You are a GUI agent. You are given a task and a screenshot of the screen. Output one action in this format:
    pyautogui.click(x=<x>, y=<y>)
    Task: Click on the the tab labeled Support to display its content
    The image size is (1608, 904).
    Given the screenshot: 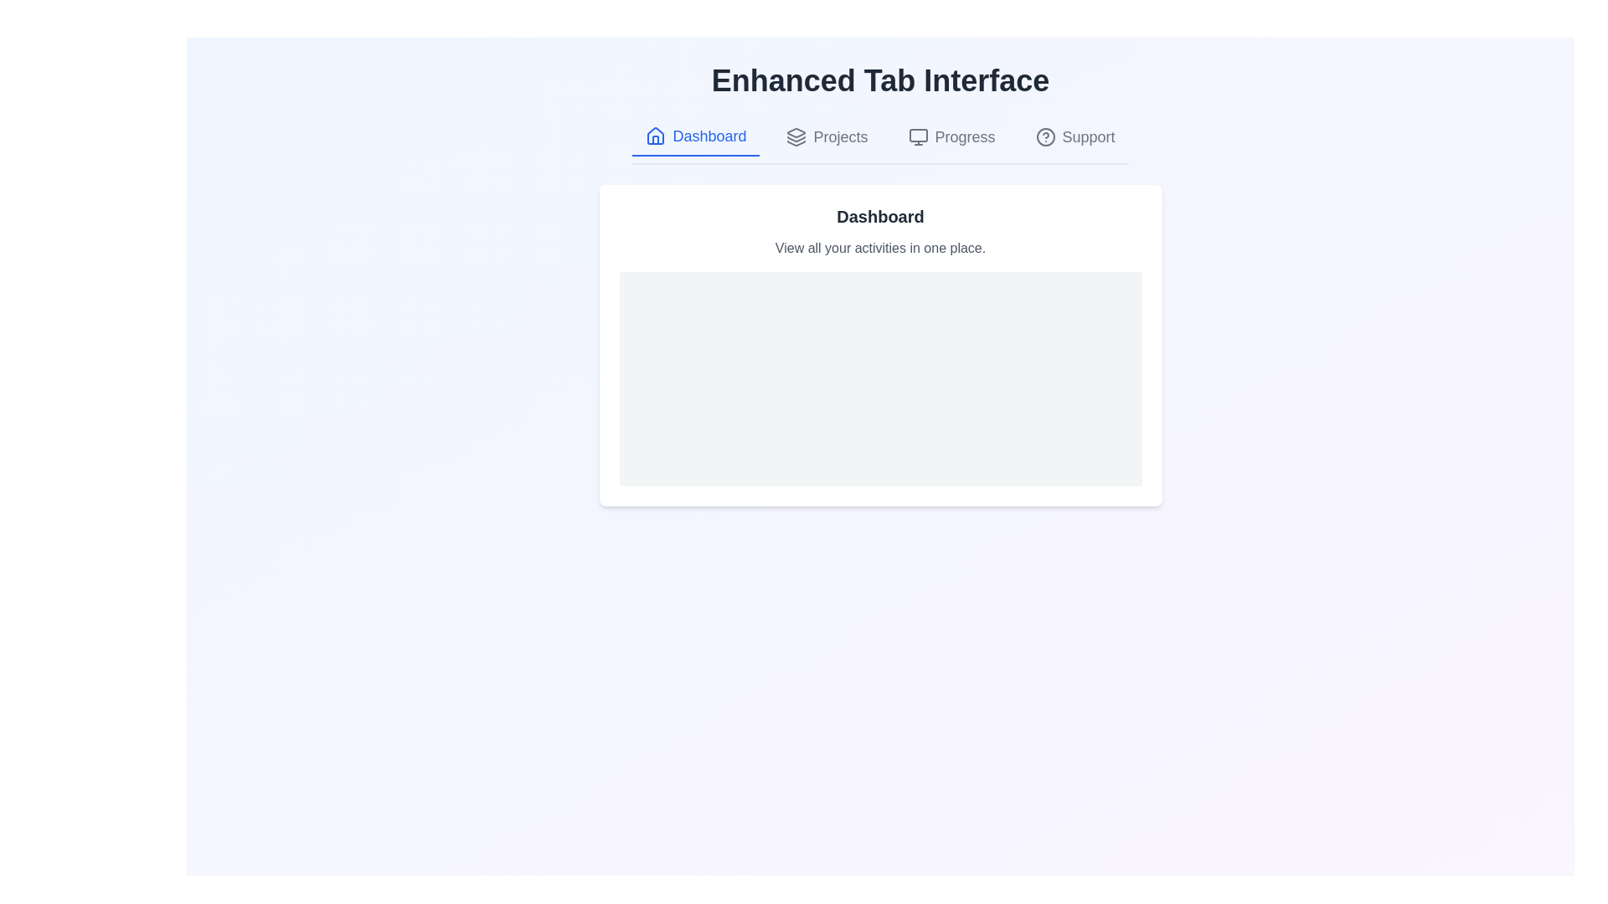 What is the action you would take?
    pyautogui.click(x=1075, y=136)
    